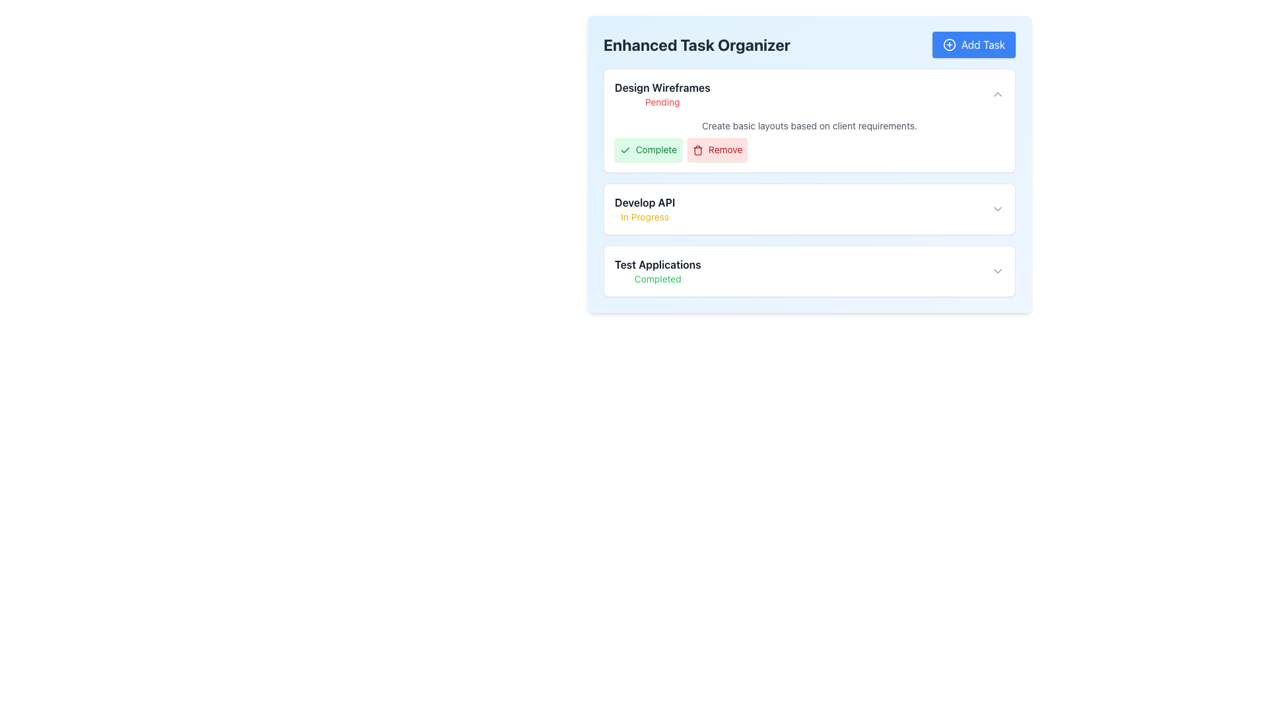  What do you see at coordinates (696, 44) in the screenshot?
I see `the 'Enhanced Task Organizer' text label, which is styled in bold and large font, located at the top of the interface` at bounding box center [696, 44].